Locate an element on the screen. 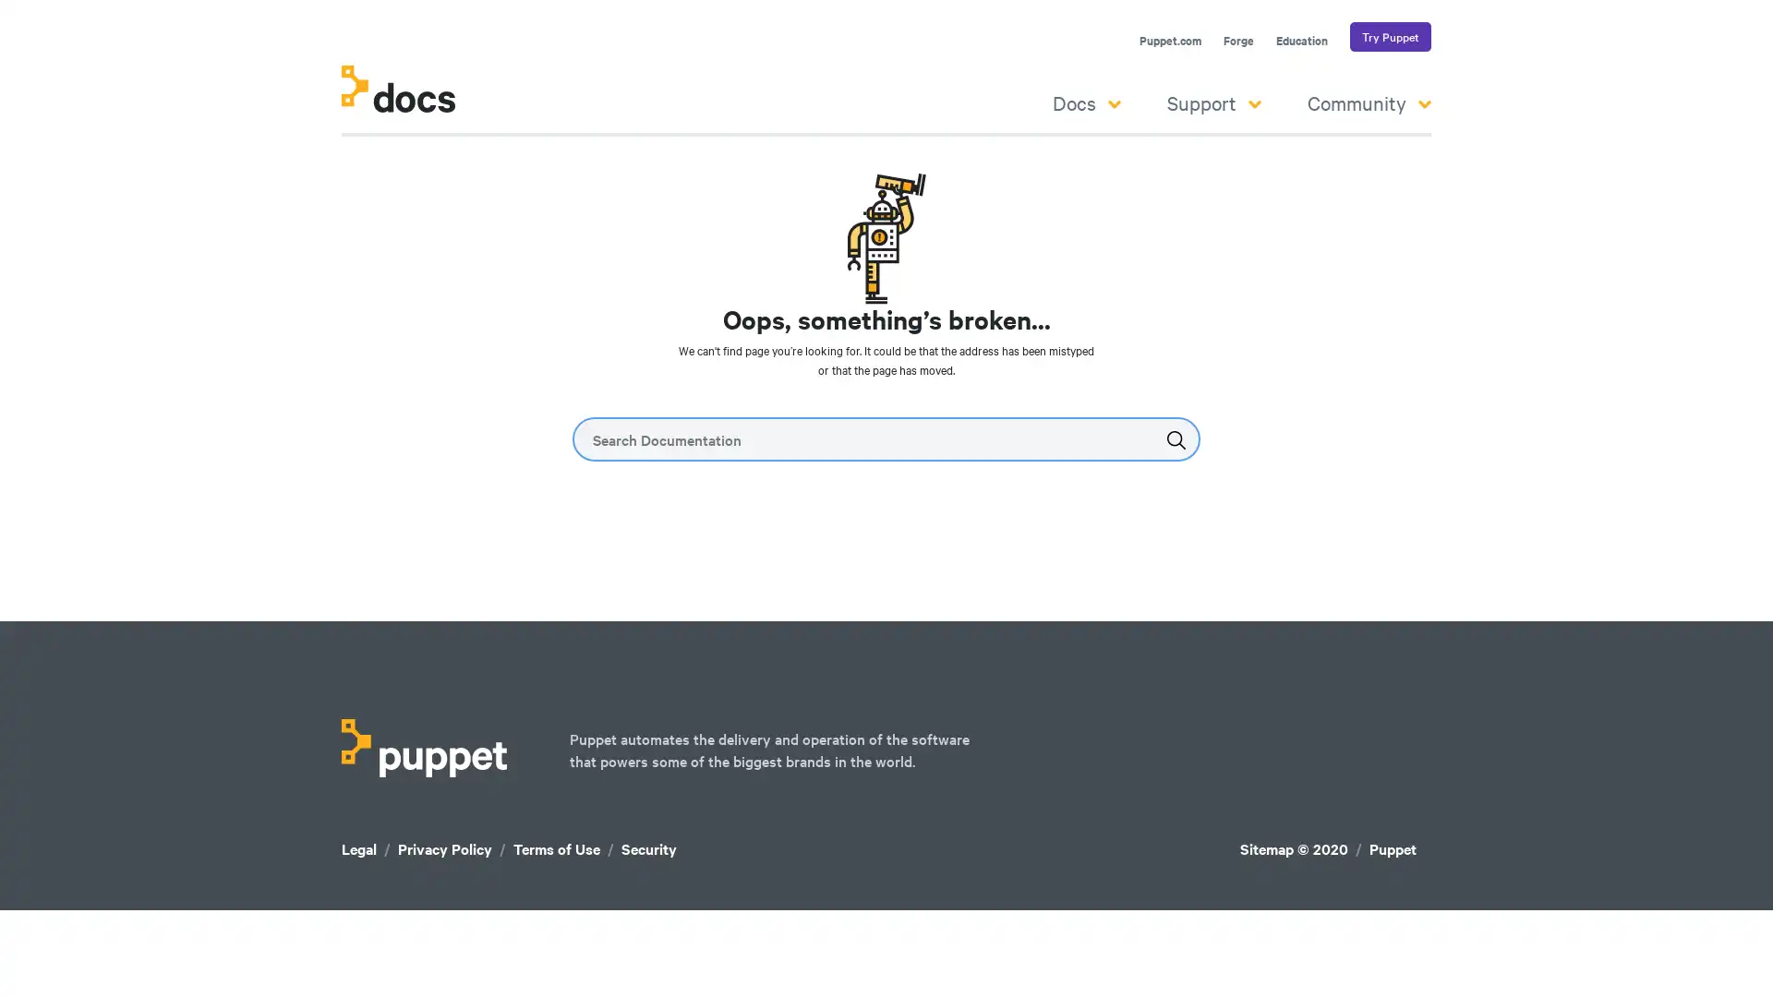 The width and height of the screenshot is (1773, 997). Submit the search query. is located at coordinates (1175, 440).